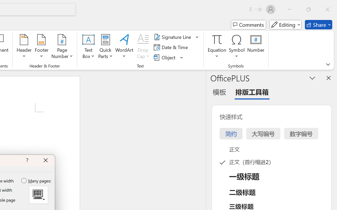 This screenshot has width=337, height=210. I want to click on 'Signature Line', so click(176, 37).